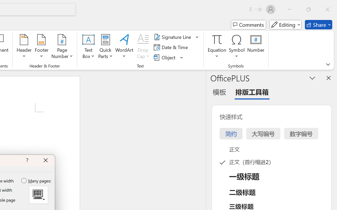 This screenshot has width=337, height=210. I want to click on 'Signature Line', so click(176, 37).